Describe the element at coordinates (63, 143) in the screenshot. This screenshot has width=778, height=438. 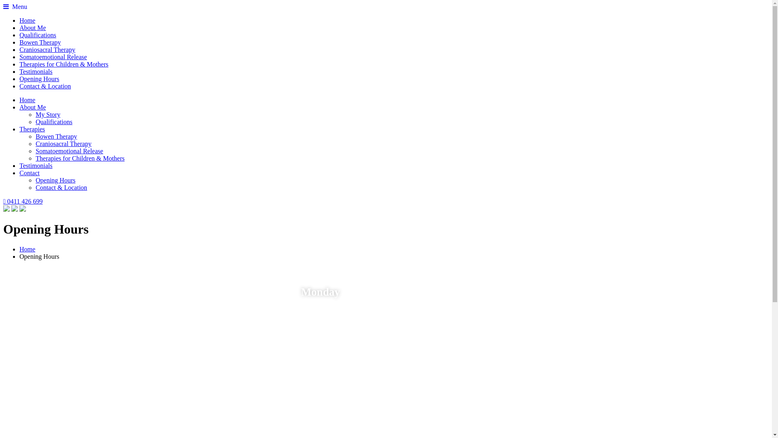
I see `'Craniosacral Therapy'` at that location.